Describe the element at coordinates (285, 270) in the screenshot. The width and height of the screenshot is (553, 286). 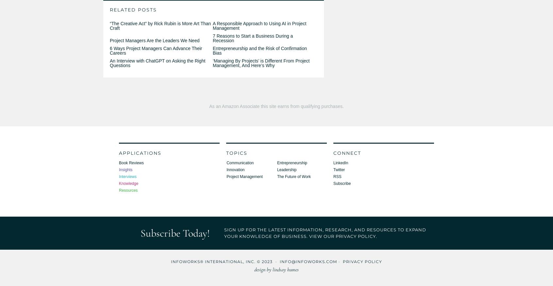
I see `'Lindsay Humes'` at that location.